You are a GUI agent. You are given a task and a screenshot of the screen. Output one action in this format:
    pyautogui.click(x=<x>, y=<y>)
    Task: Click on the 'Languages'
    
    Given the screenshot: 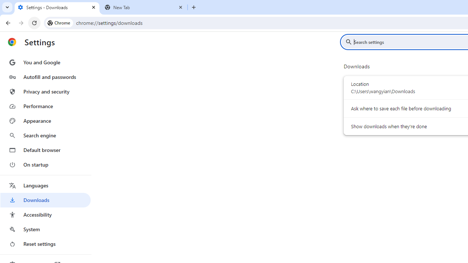 What is the action you would take?
    pyautogui.click(x=45, y=185)
    